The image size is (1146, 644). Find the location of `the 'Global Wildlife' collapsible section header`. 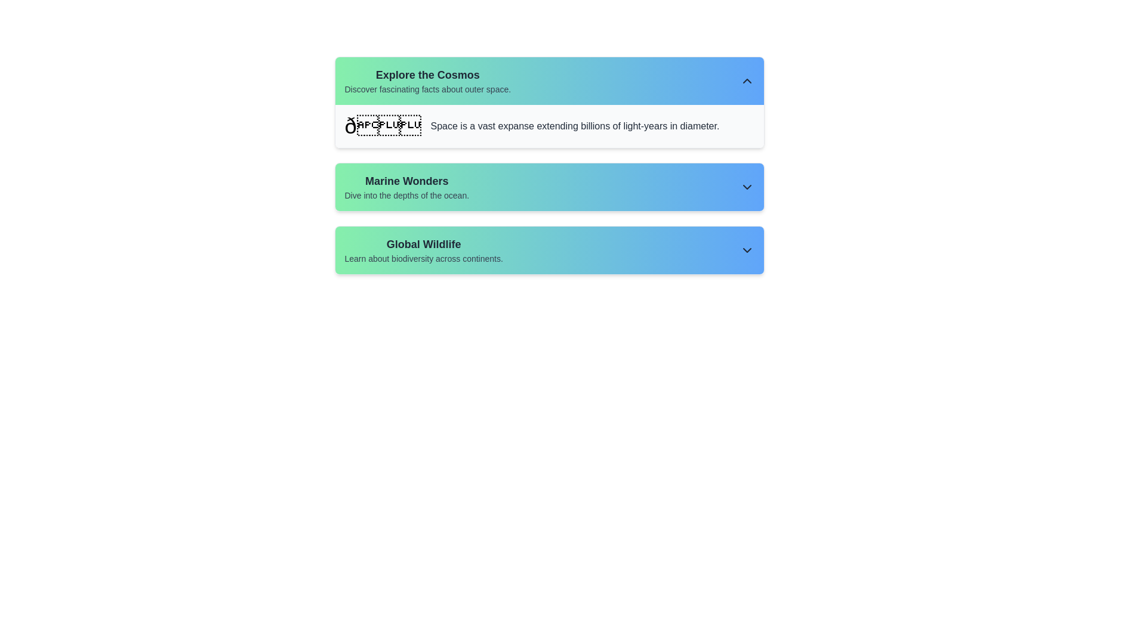

the 'Global Wildlife' collapsible section header is located at coordinates (549, 250).